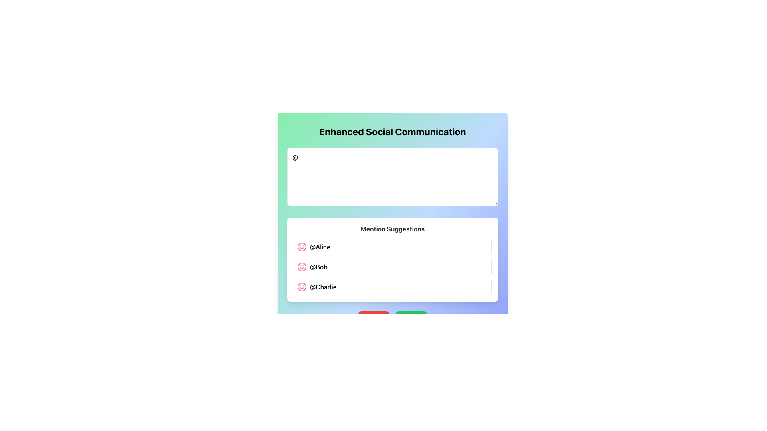  What do you see at coordinates (301, 286) in the screenshot?
I see `the outer circle of the smiley face icon located to the left of '@Charlie' in the 'Mention Suggestions' list` at bounding box center [301, 286].